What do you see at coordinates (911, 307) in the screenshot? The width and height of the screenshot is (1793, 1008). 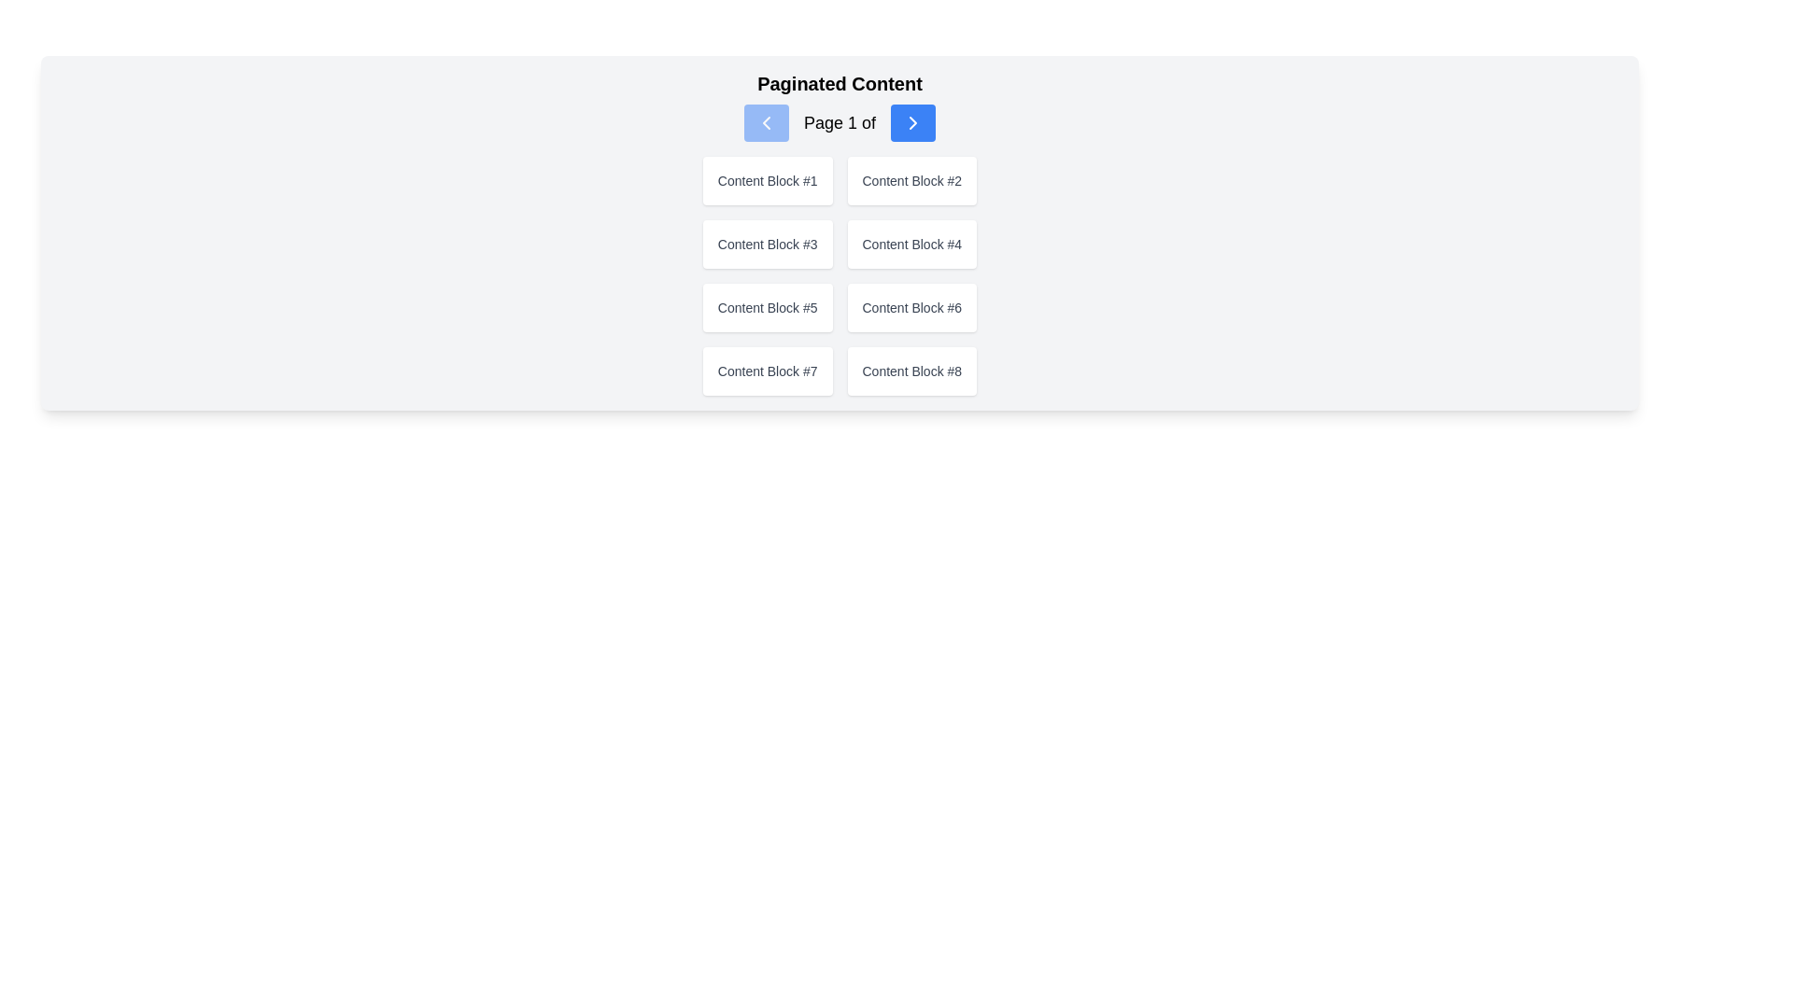 I see `the text label that reads 'Content Block #6', which is styled in gray color and located in the center-right section of a grid layout, specifically in the third column of the second row` at bounding box center [911, 307].